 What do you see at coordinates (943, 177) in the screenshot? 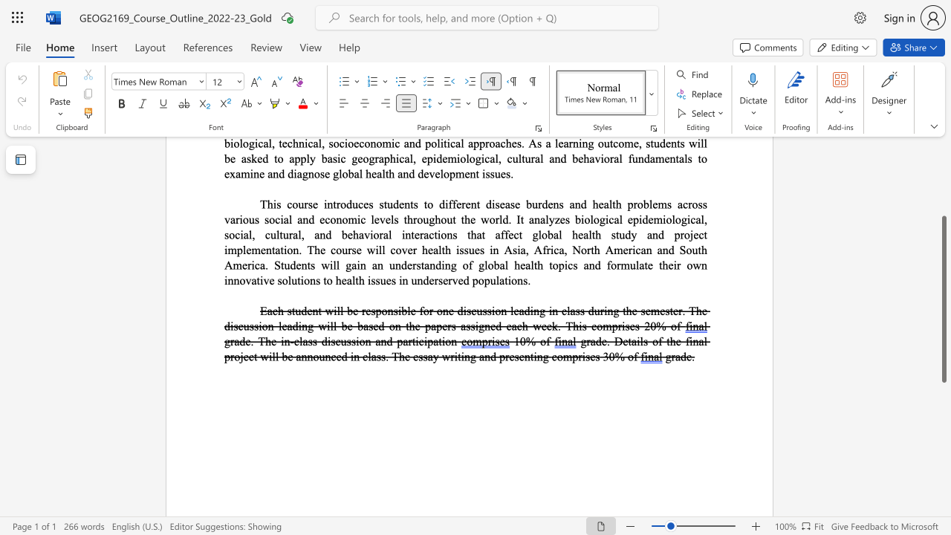
I see `the scrollbar on the right to shift the page higher` at bounding box center [943, 177].